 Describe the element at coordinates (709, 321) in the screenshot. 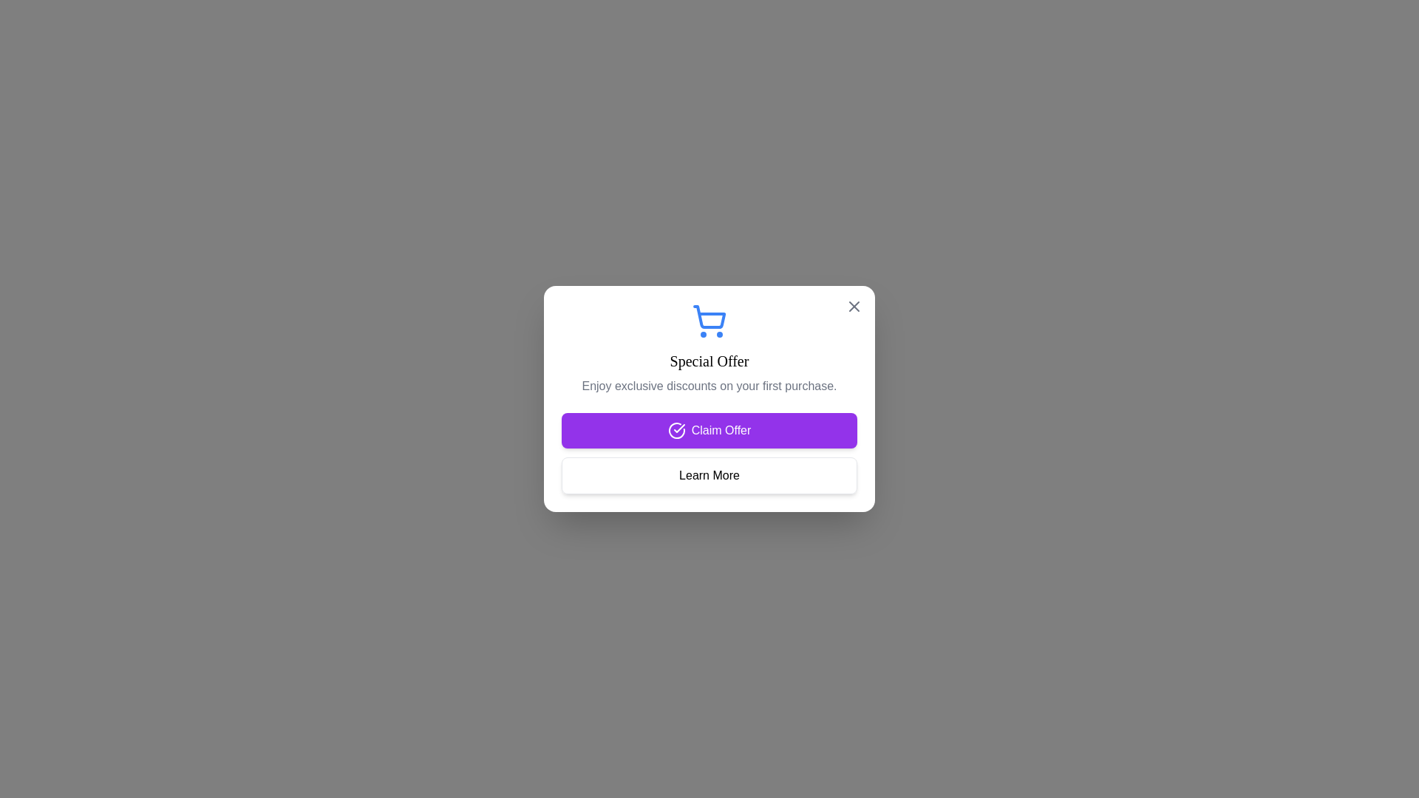

I see `the shopping cart icon to inspect it for additional information` at that location.